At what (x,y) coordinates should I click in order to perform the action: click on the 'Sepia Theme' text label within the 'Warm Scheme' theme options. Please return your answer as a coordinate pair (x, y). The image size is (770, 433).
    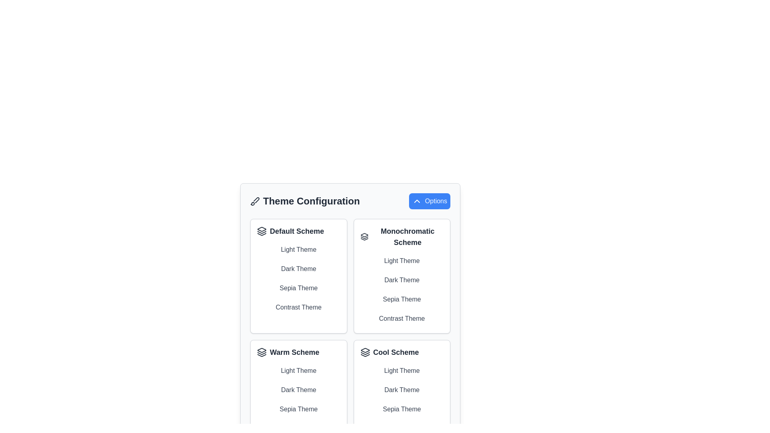
    Looking at the image, I should click on (298, 409).